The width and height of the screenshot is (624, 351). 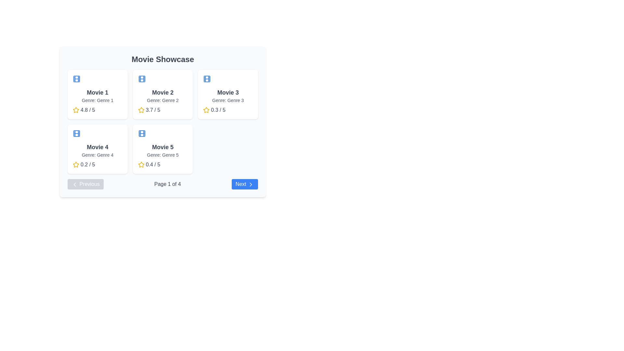 I want to click on the static text label displaying the rating score for 'Movie 4' out of 5, located below the 'Movie 4' title box and to the right of a star icon, so click(x=87, y=164).